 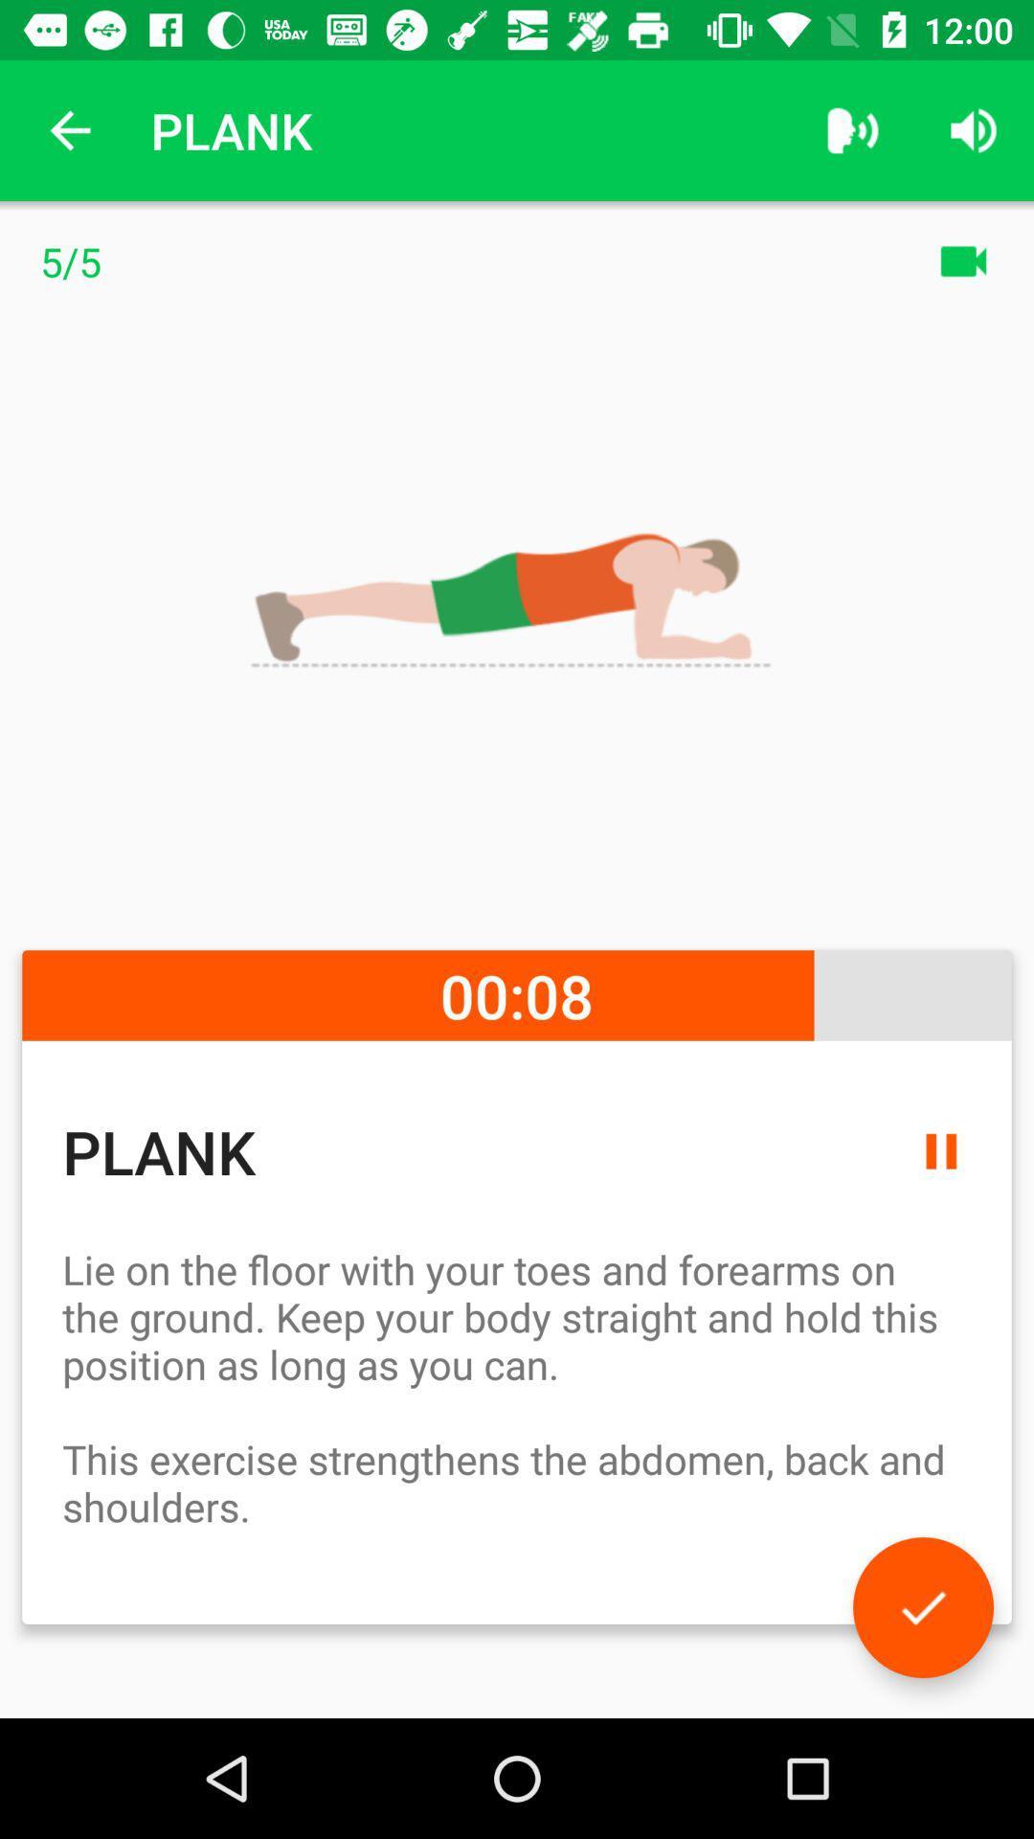 What do you see at coordinates (852, 130) in the screenshot?
I see `the icon beside plank` at bounding box center [852, 130].